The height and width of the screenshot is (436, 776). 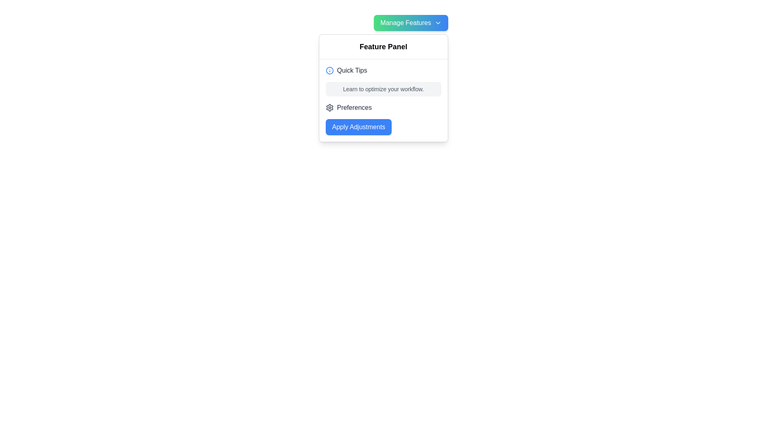 What do you see at coordinates (352, 70) in the screenshot?
I see `the text label displaying 'Quick Tips' which is styled with a medium font weight and dark gray color` at bounding box center [352, 70].